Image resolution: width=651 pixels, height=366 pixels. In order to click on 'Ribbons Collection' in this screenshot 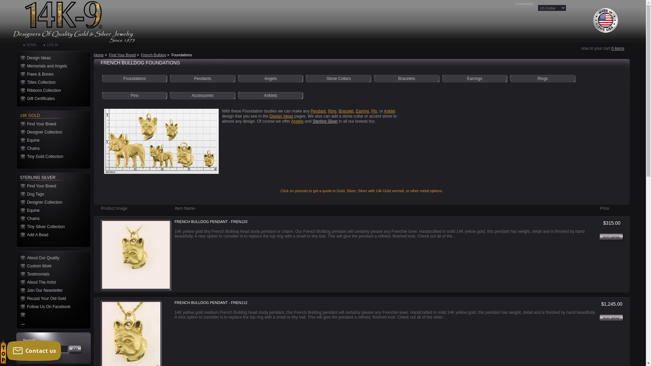, I will do `click(51, 90)`.